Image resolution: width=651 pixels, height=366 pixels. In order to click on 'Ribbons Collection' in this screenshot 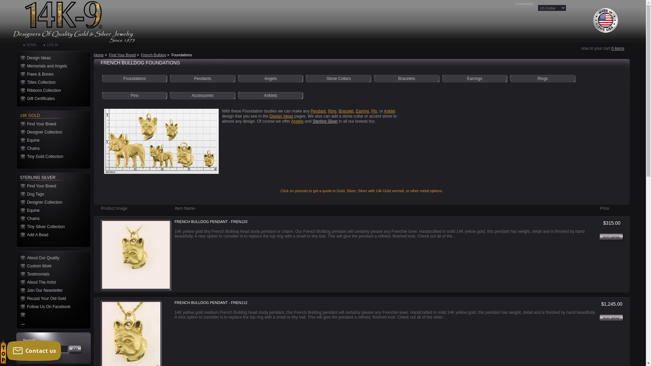, I will do `click(51, 90)`.